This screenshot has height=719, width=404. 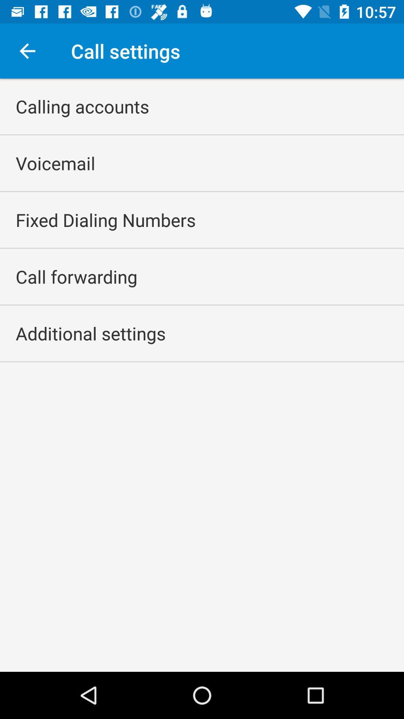 What do you see at coordinates (105, 219) in the screenshot?
I see `the fixed dialing numbers app` at bounding box center [105, 219].